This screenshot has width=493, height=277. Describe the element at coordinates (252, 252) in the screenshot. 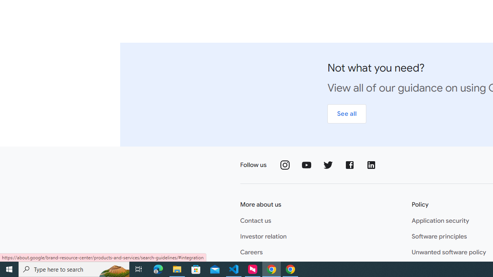

I see `'Careers'` at that location.